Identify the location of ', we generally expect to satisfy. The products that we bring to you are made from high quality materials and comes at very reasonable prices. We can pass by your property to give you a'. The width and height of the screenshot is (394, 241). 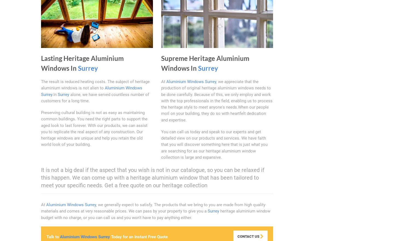
(153, 208).